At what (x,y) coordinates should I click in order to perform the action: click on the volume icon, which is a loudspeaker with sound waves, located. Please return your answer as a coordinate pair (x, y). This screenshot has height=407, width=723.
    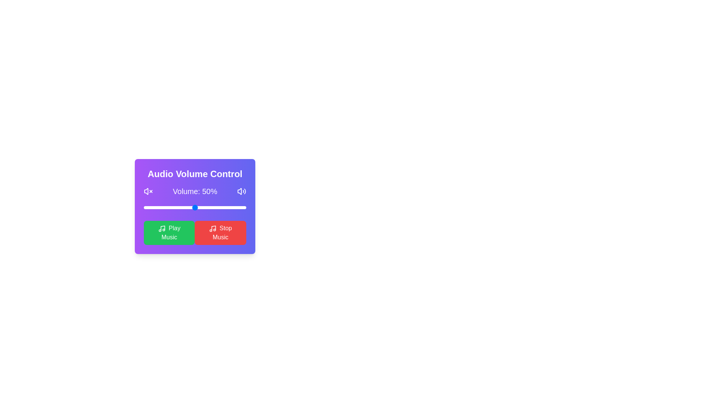
    Looking at the image, I should click on (242, 191).